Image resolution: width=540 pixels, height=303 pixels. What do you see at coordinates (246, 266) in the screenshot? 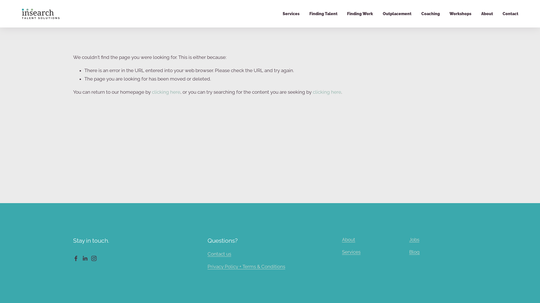
I see `'Privacy Policy + Terms & Conditions'` at bounding box center [246, 266].